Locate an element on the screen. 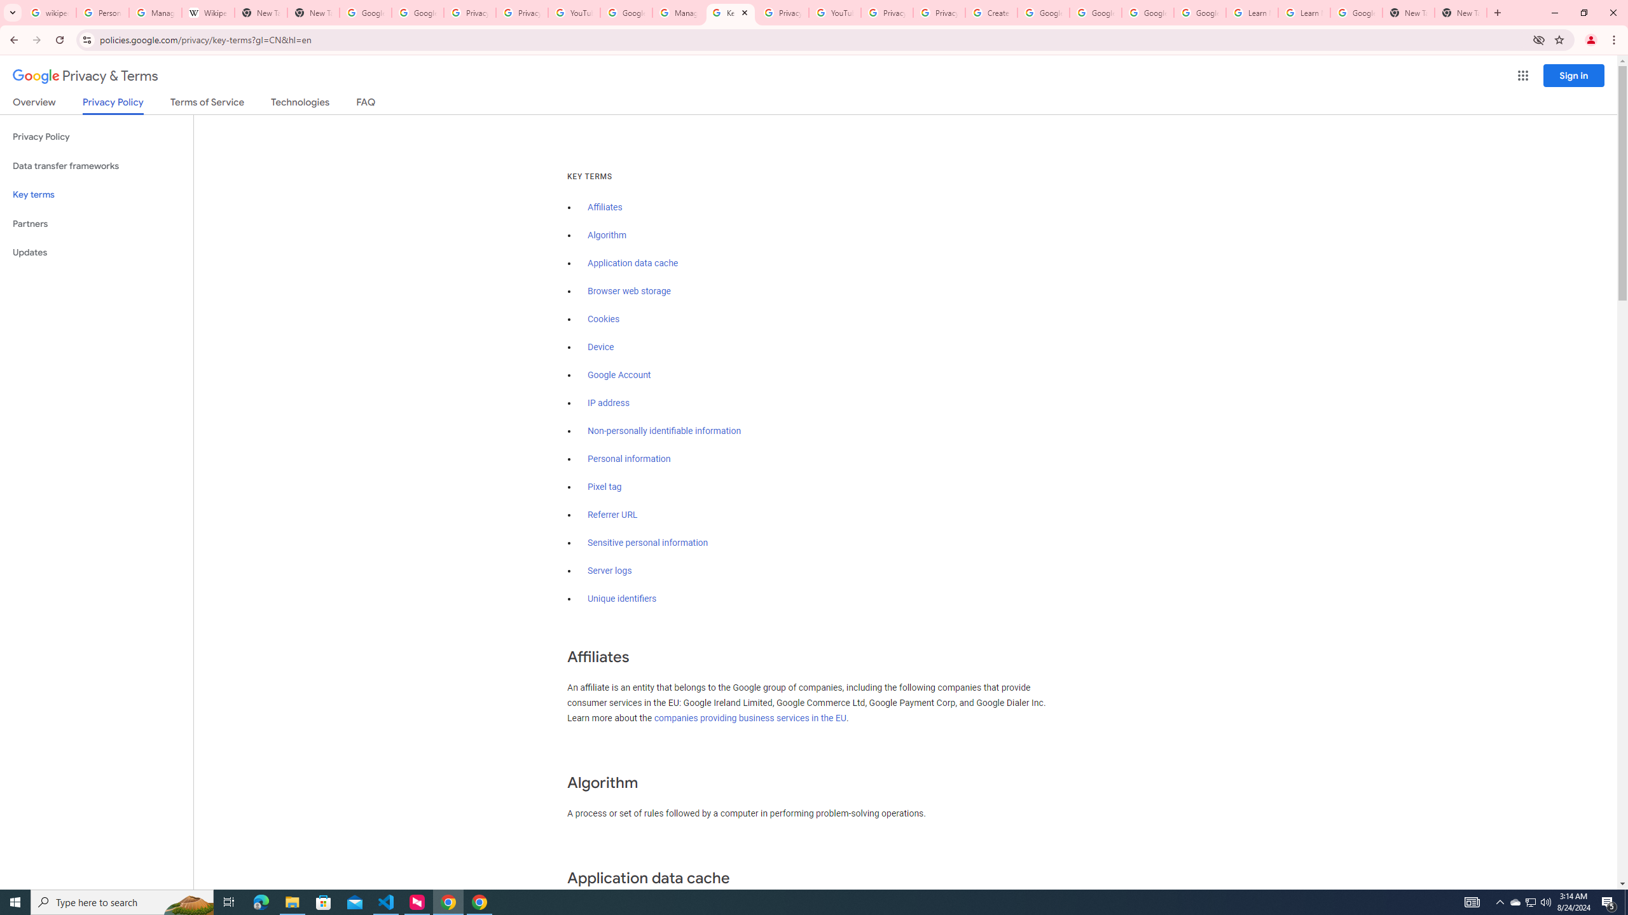  'Non-personally identifiable information' is located at coordinates (663, 430).